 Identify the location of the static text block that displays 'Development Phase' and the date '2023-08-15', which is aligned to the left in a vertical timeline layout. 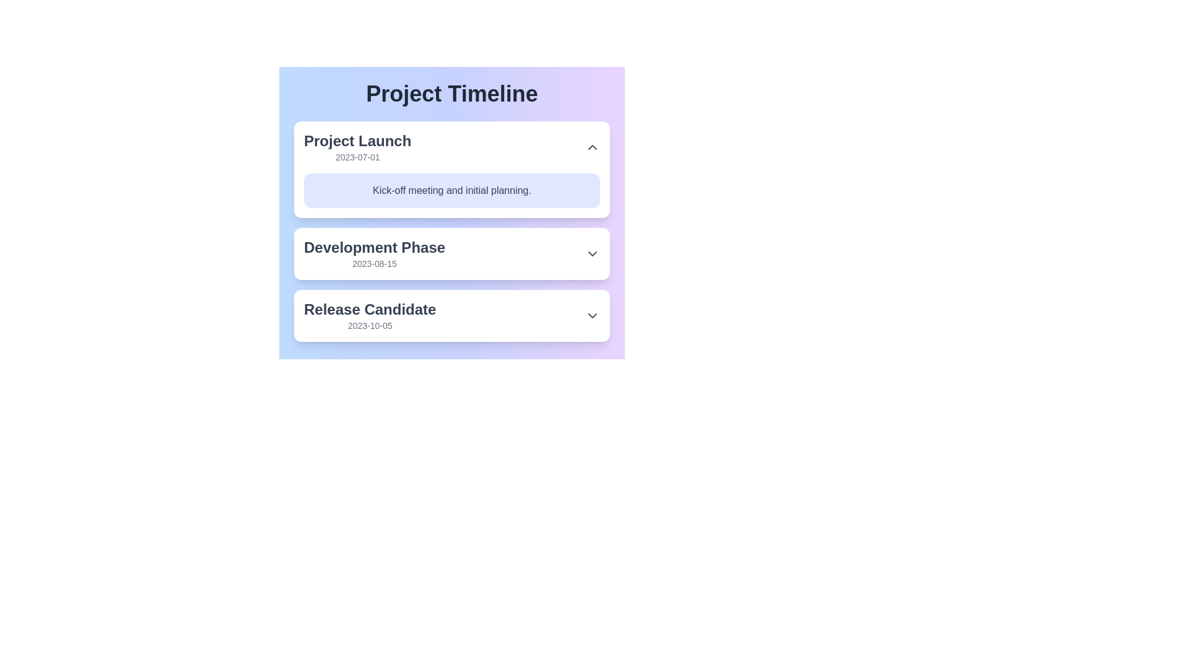
(373, 253).